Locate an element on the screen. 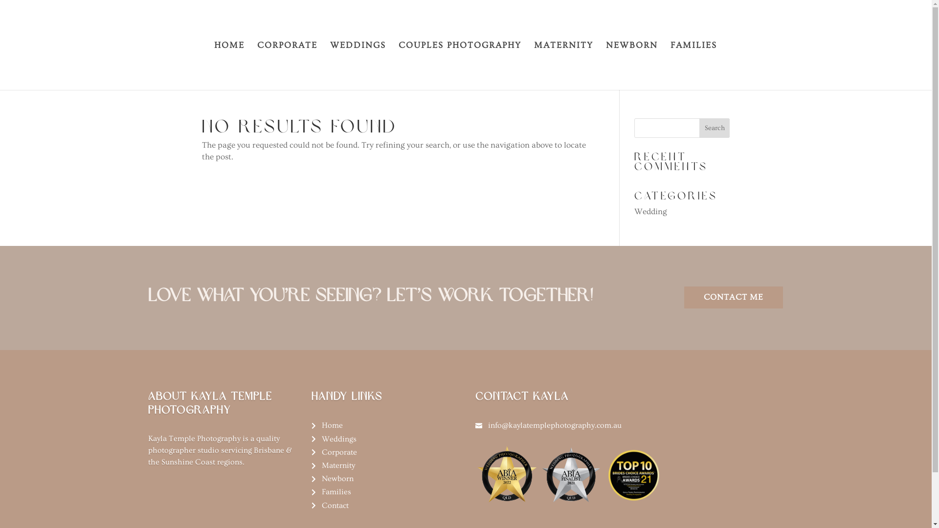  'uploads_logos_2111100434172-300x296' is located at coordinates (602, 474).